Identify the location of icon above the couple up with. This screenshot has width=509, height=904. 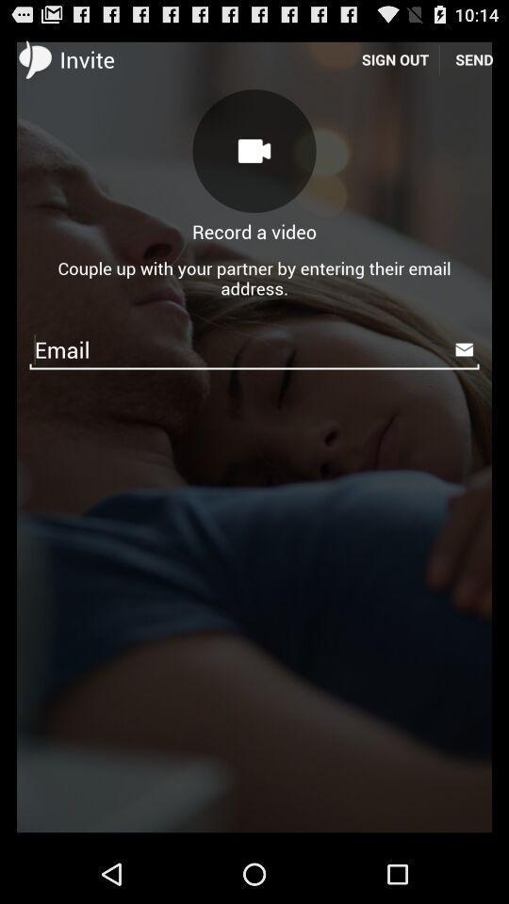
(473, 58).